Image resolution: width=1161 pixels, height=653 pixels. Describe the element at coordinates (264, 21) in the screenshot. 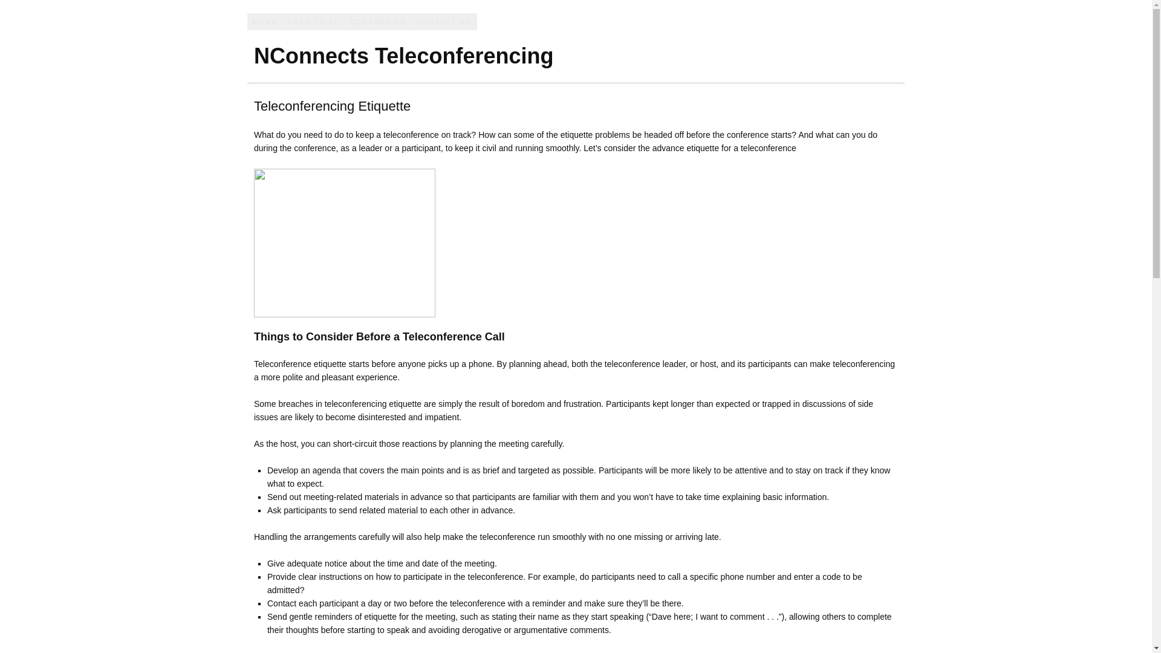

I see `'HOME'` at that location.